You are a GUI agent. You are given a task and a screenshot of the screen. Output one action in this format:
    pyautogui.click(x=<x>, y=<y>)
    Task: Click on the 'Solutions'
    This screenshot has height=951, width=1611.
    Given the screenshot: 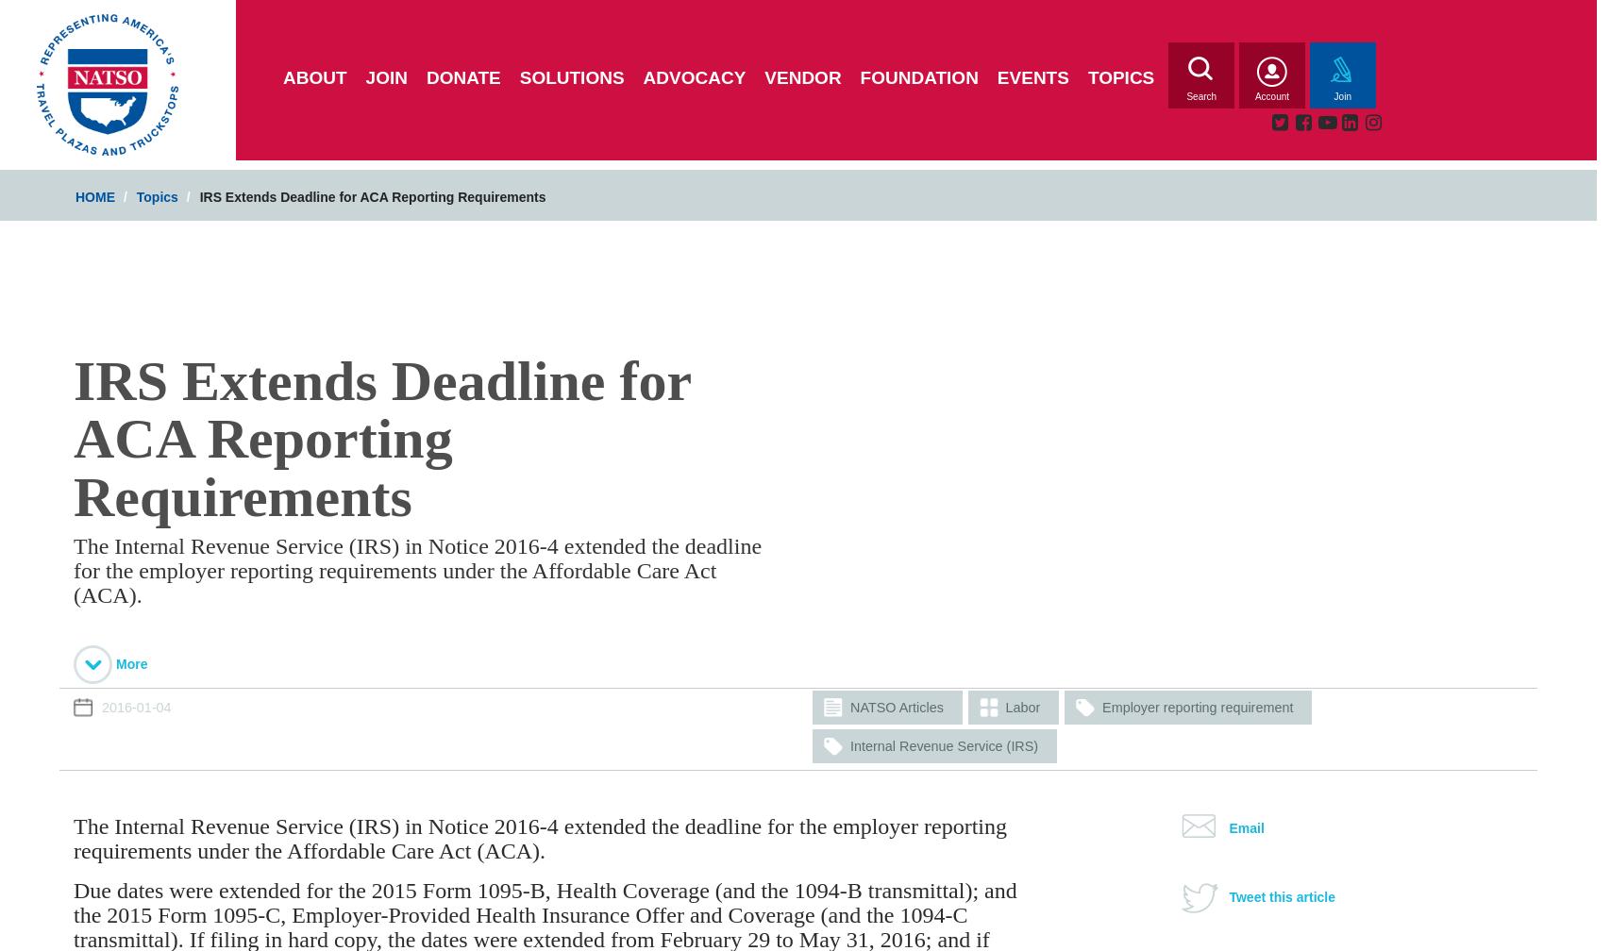 What is the action you would take?
    pyautogui.click(x=571, y=77)
    